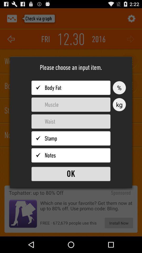 This screenshot has width=142, height=253. I want to click on waist size, so click(71, 121).